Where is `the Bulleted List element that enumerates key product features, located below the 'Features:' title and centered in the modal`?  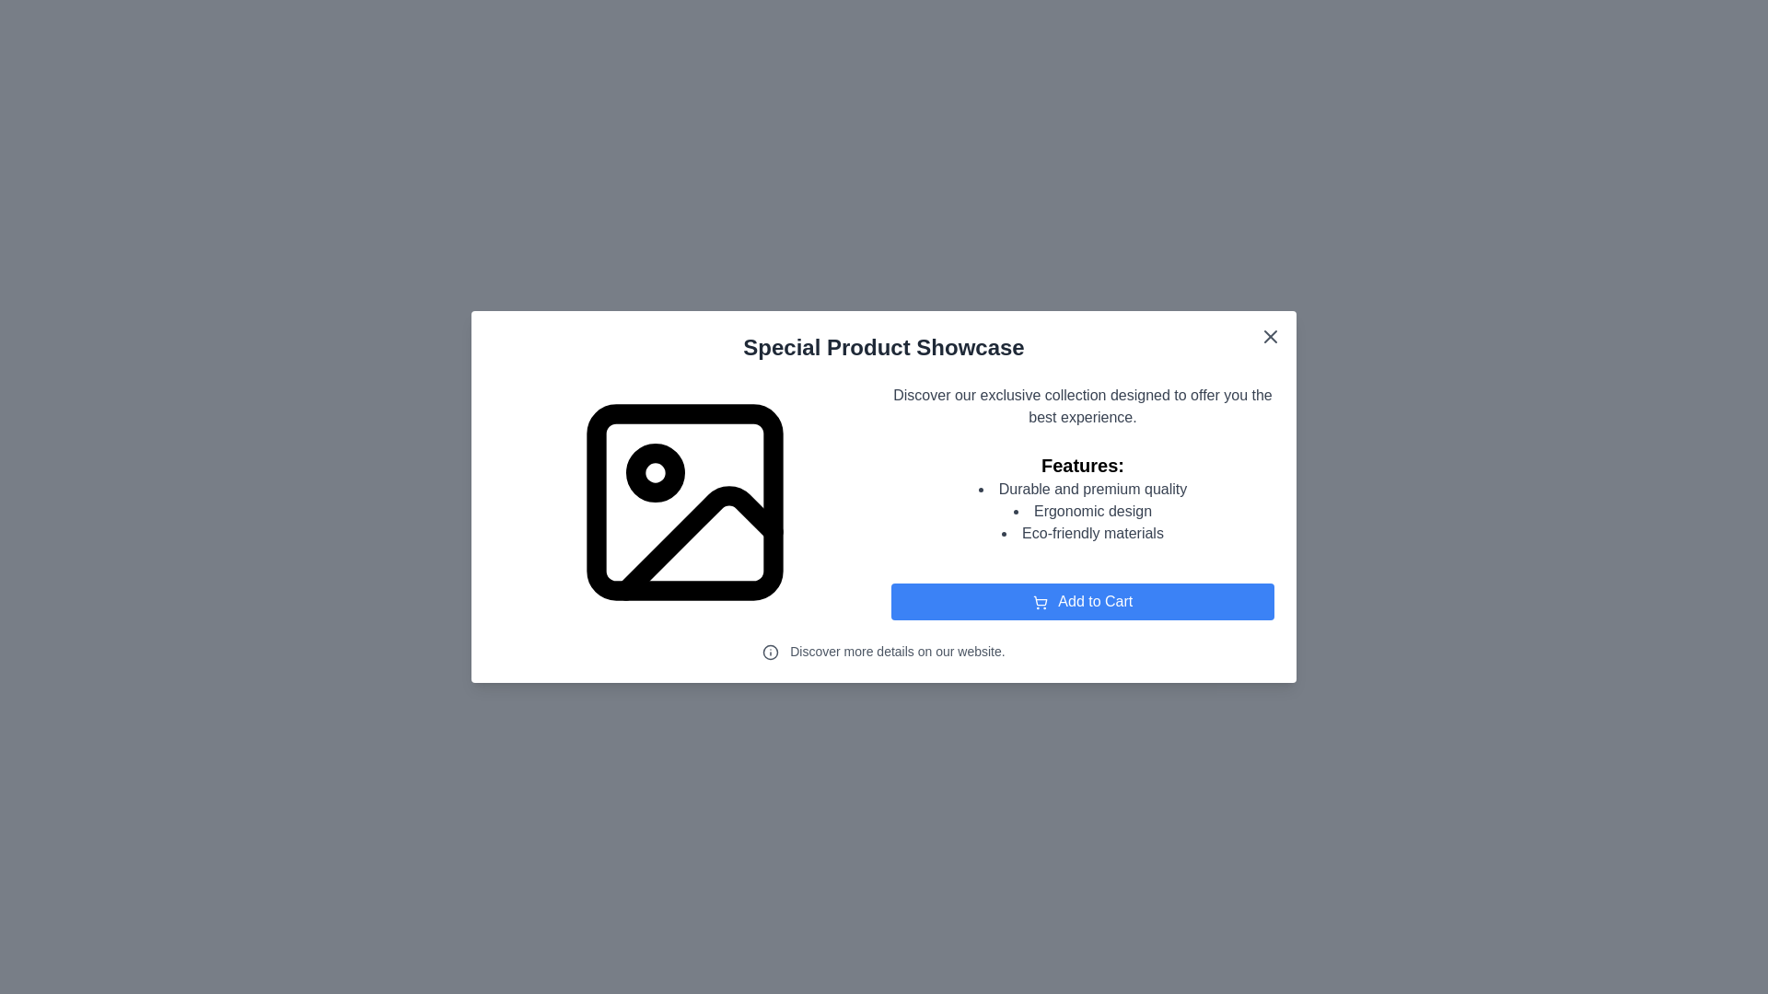
the Bulleted List element that enumerates key product features, located below the 'Features:' title and centered in the modal is located at coordinates (1083, 511).